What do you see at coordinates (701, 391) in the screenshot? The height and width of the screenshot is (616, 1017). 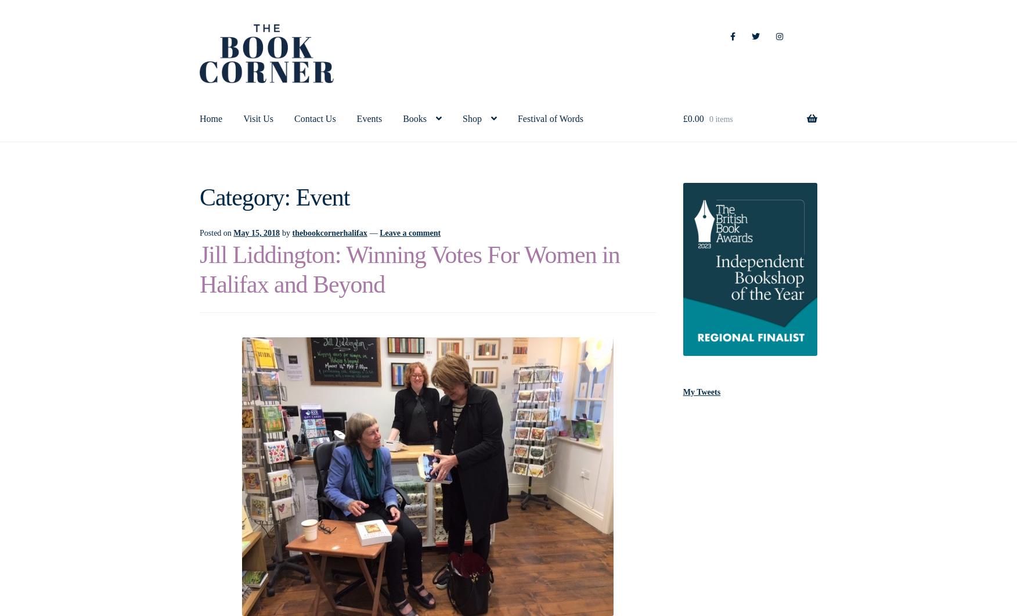 I see `'My Tweets'` at bounding box center [701, 391].